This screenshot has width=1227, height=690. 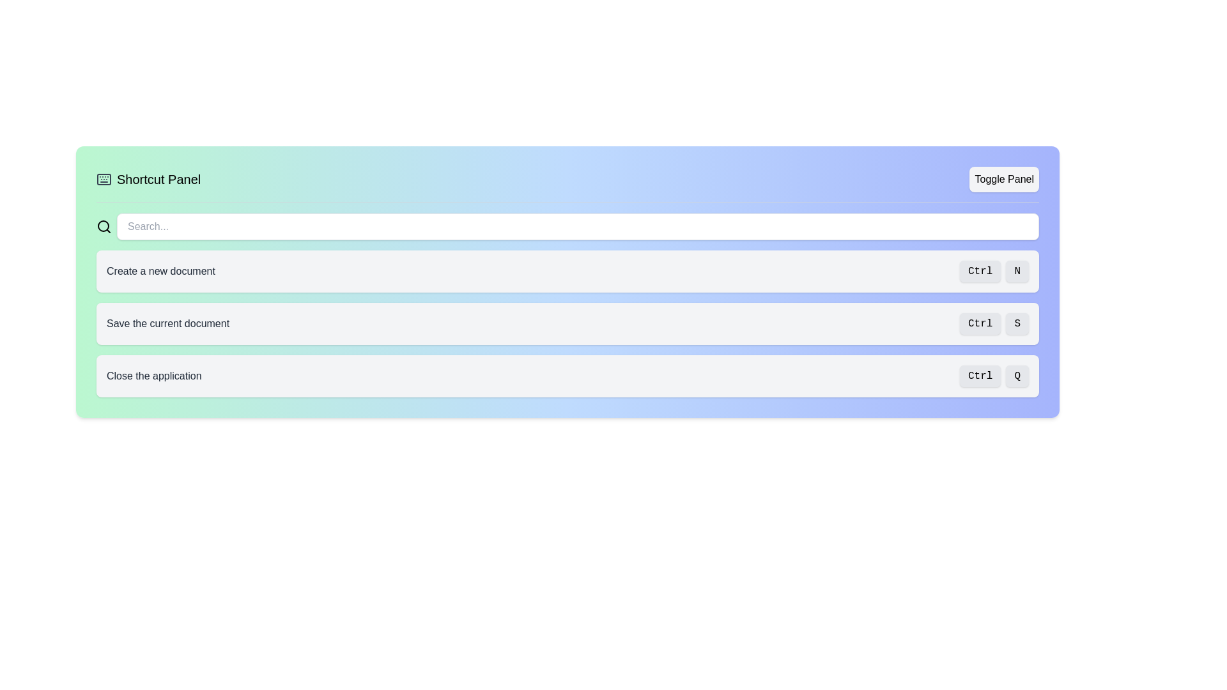 What do you see at coordinates (567, 323) in the screenshot?
I see `the informational panel displaying 'Save the current document' with shortcut keys 'Ctrl' and 'S' in the shortcut listing interface` at bounding box center [567, 323].